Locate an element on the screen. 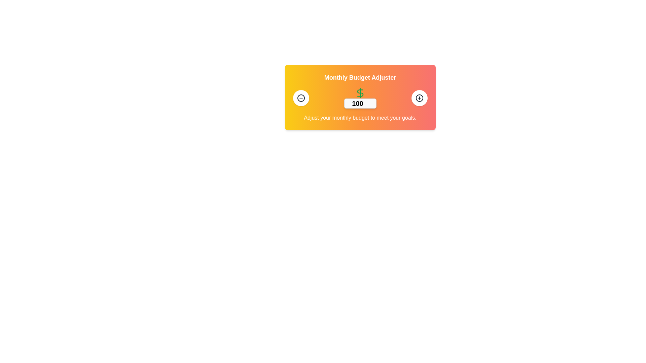  the decrement button icon, which is located within a rounded white background to the left of the numeric input and '+' button is located at coordinates (300, 98).